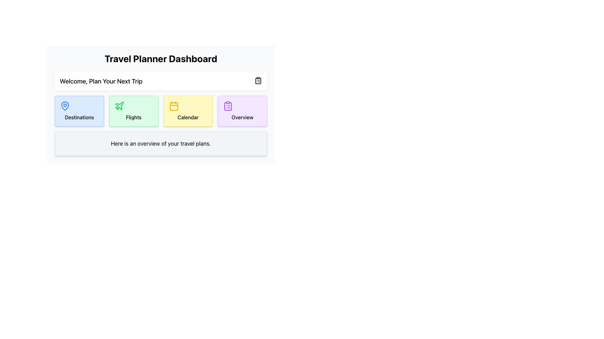 This screenshot has width=604, height=339. Describe the element at coordinates (161, 114) in the screenshot. I see `any option in the Grid Layout Component located centrally beneath the title 'Welcome, Plan Your Next Trip'` at that location.